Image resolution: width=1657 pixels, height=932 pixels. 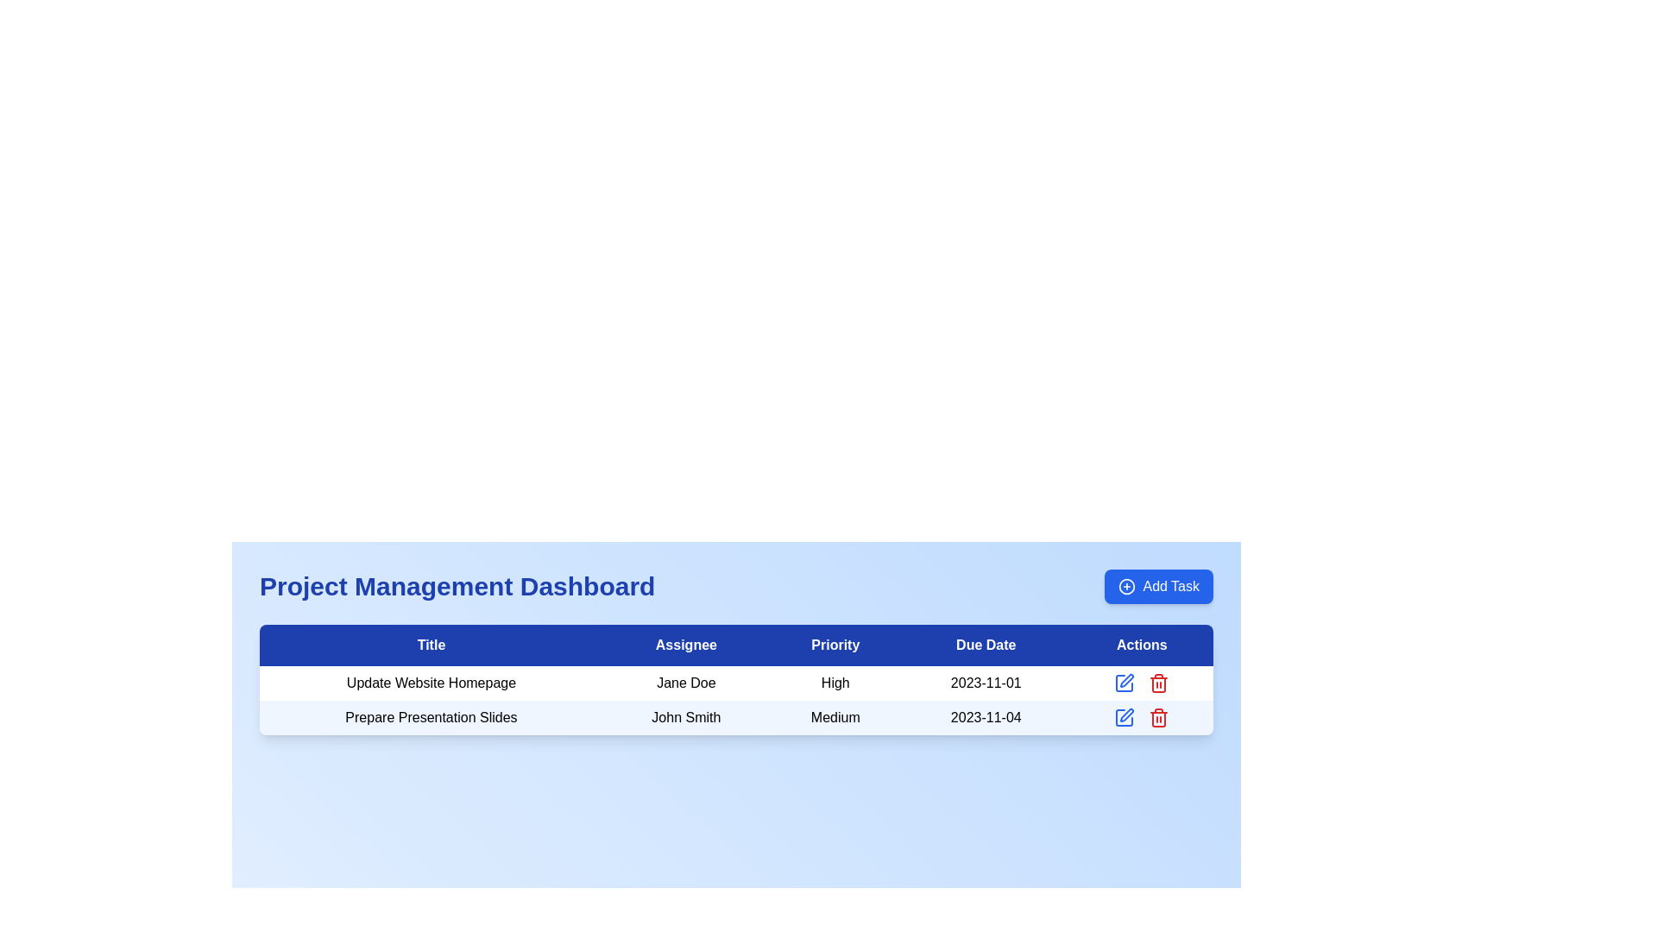 What do you see at coordinates (986, 645) in the screenshot?
I see `the 'Due Date' text label, which is styled in white text on a blue background and is the fourth header in a row of five, positioned between 'Priority' and 'Actions'` at bounding box center [986, 645].